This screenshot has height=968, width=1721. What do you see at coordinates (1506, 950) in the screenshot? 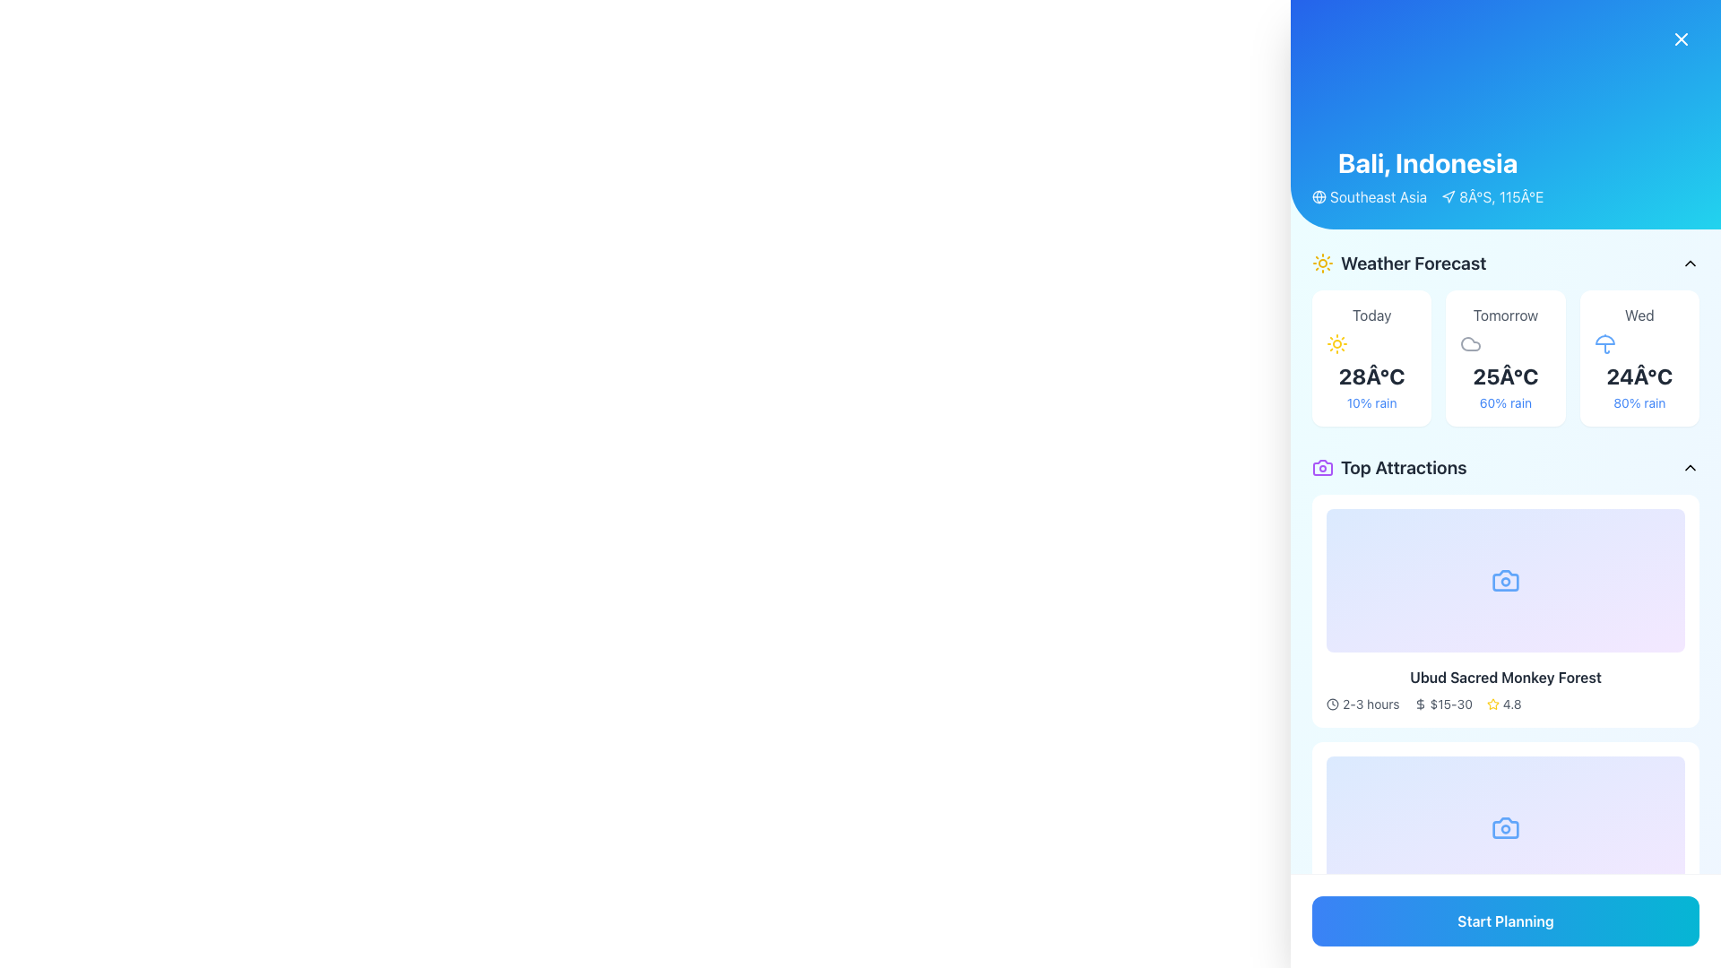
I see `the descriptive label or badge for 'Tanah Lot Temple' located in the 'Top Attractions' section, which includes text like '2-3 hours', cost range '$15-30', and rating '4.8'` at bounding box center [1506, 950].